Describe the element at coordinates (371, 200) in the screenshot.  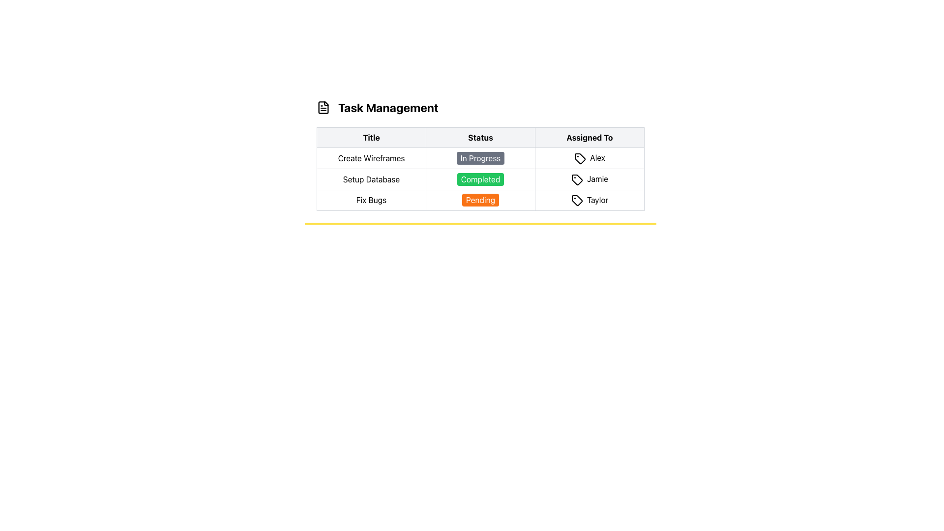
I see `text content of the 'Fix Bugs' label located in the first column of the third row within the task information table` at that location.